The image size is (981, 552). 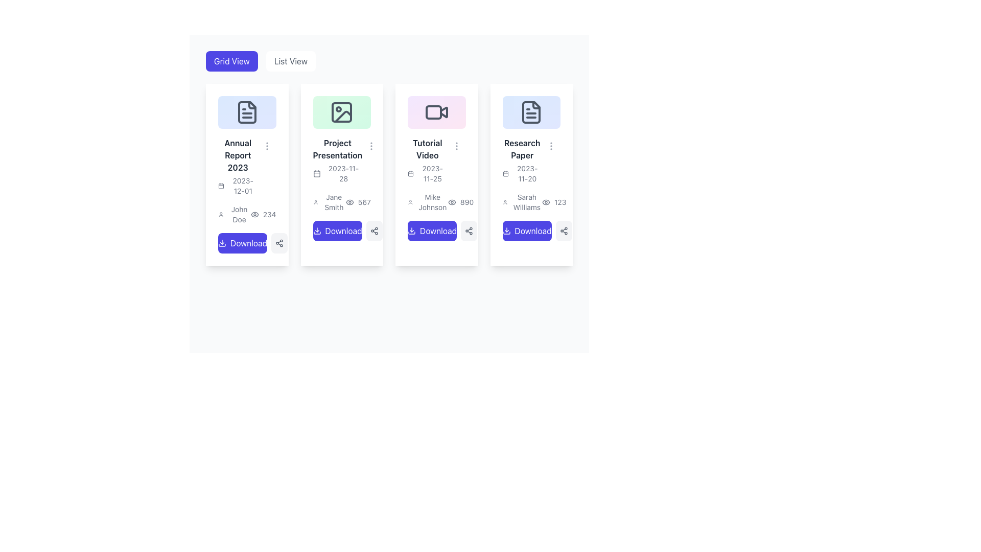 What do you see at coordinates (410, 202) in the screenshot?
I see `SVG icon representing a user, which is located to the left of the text 'Mike Johnson' within the 'Tutorial Video' card` at bounding box center [410, 202].